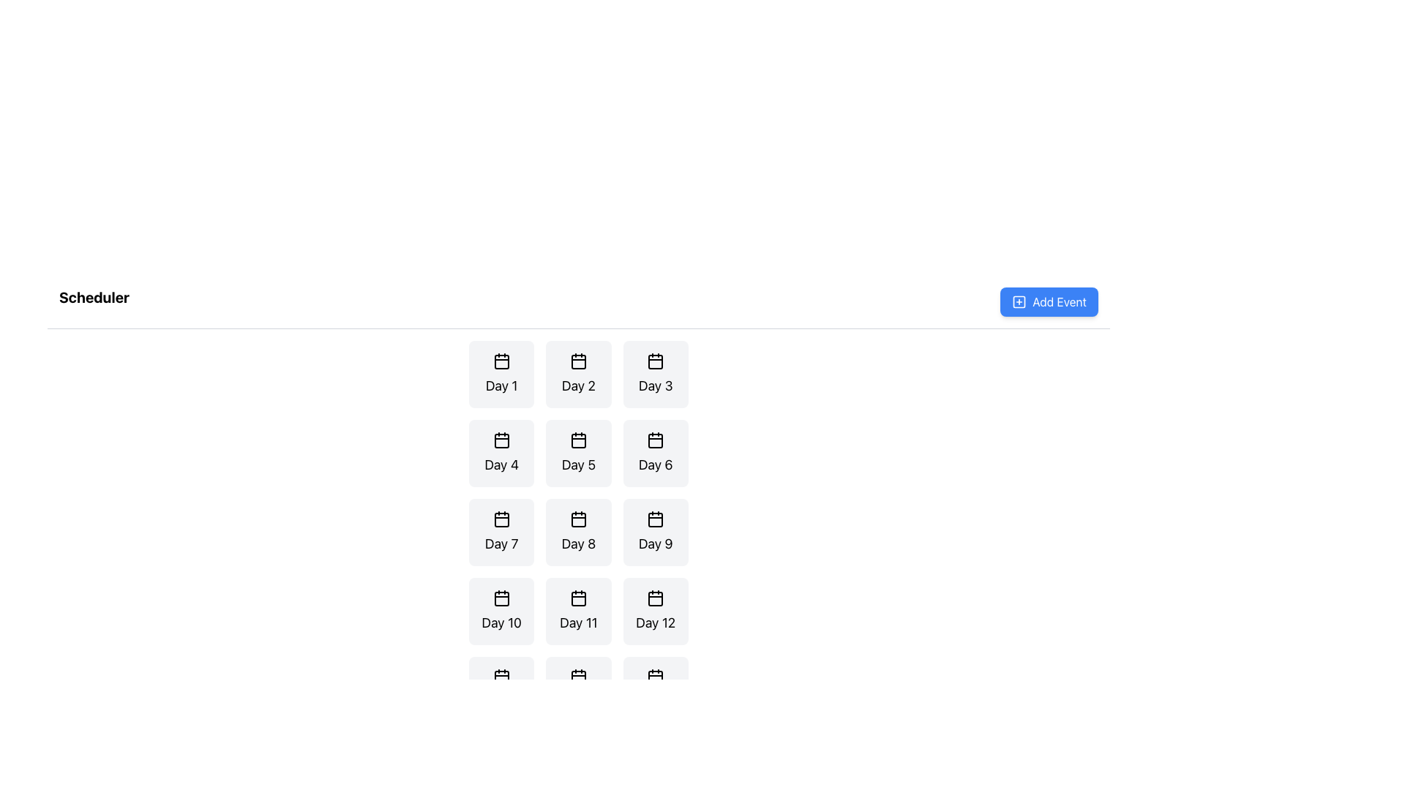 The image size is (1405, 790). I want to click on the calendar icon located above the label 'Day 9', which has a black outline and a grid-like appearance, situated in the third row and third column of the grid layout, so click(655, 518).